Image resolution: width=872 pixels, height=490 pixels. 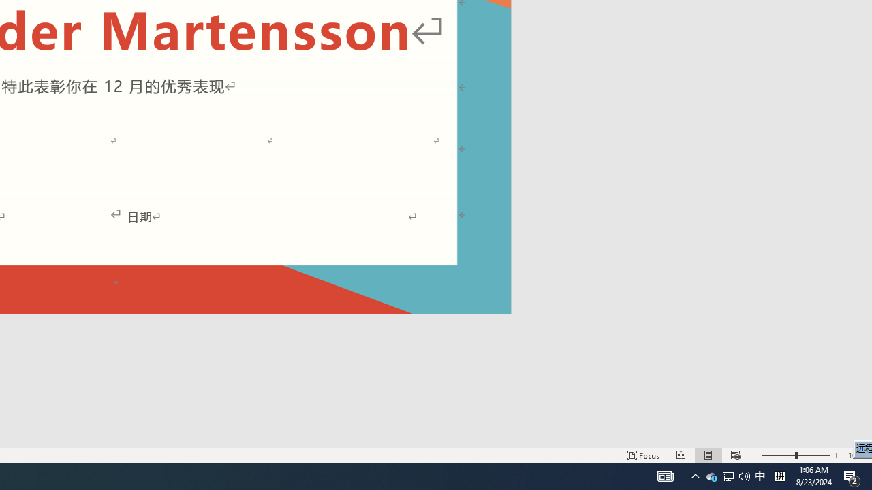 What do you see at coordinates (835, 455) in the screenshot?
I see `'Zoom In'` at bounding box center [835, 455].